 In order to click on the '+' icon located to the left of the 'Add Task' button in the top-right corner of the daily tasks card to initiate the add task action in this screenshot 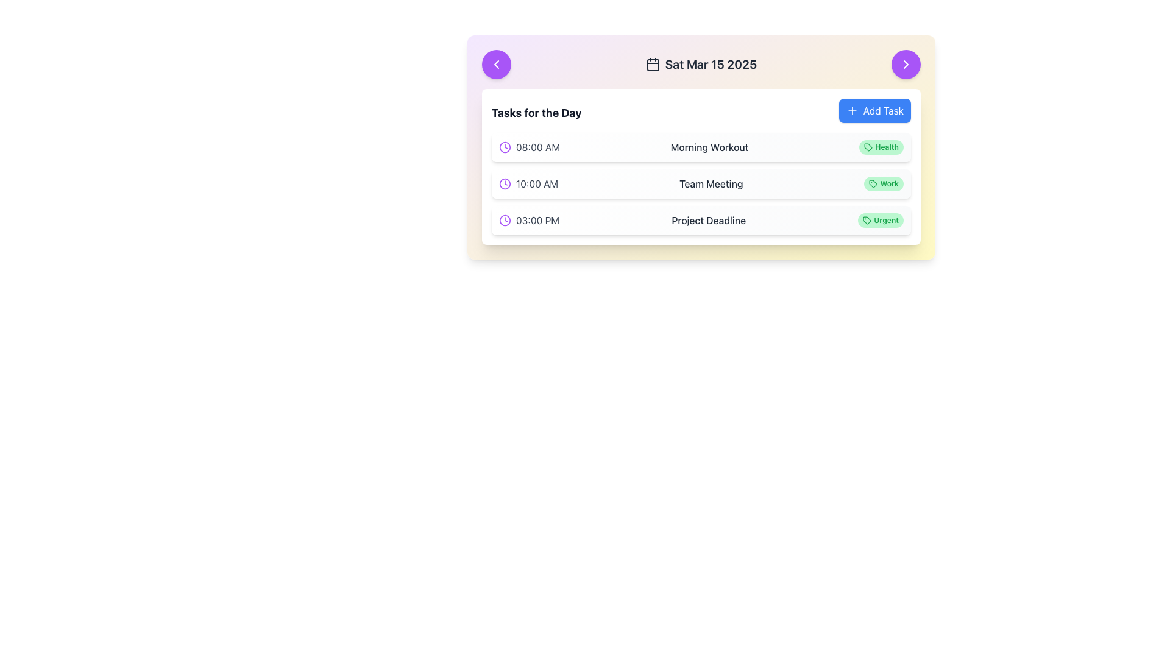, I will do `click(851, 110)`.